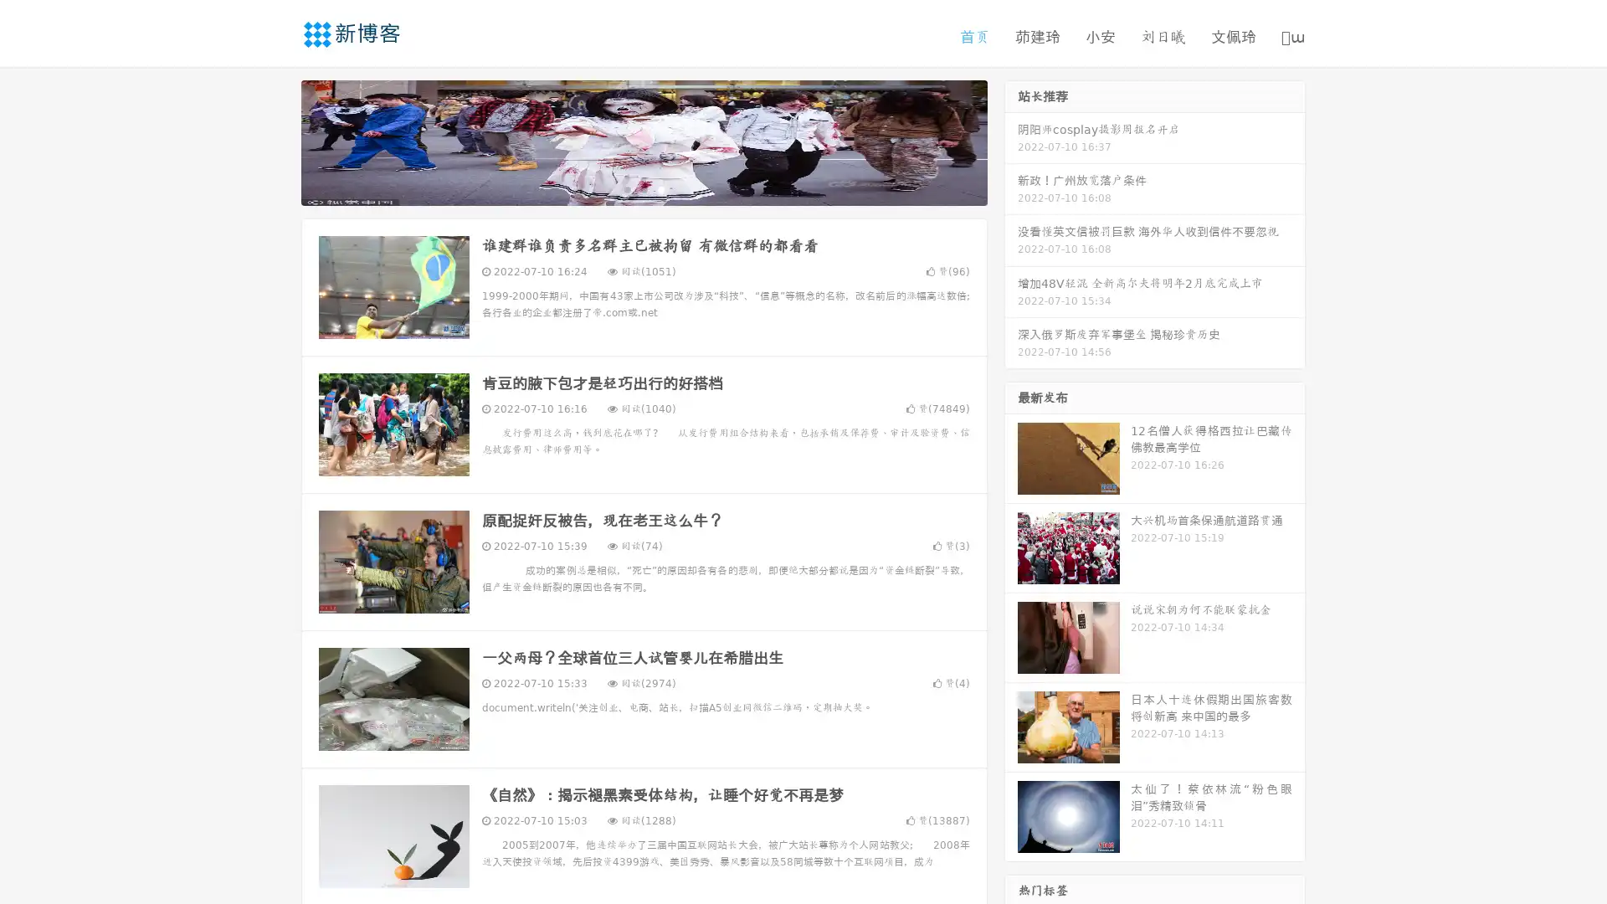 The width and height of the screenshot is (1607, 904). Describe the element at coordinates (1011, 141) in the screenshot. I see `Next slide` at that location.